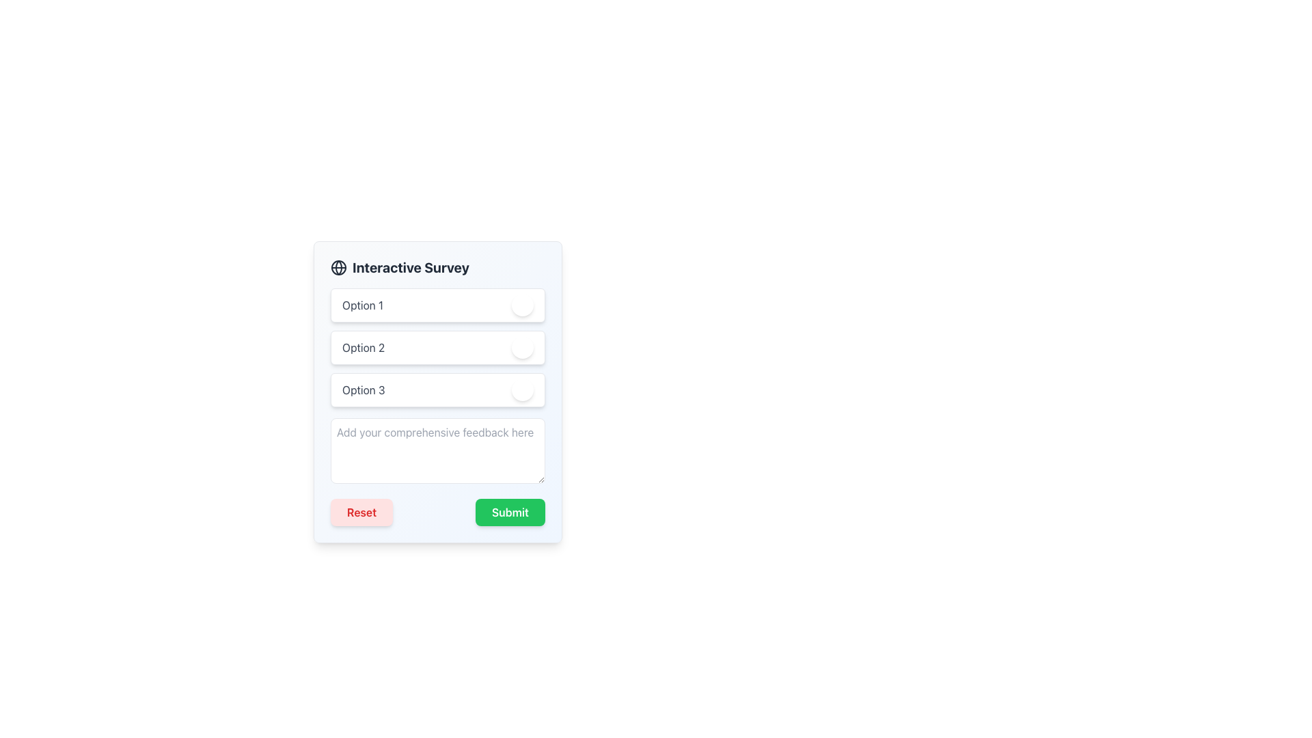 This screenshot has height=738, width=1312. I want to click on the circular toggle on the right of the second interactive option in the survey interface, which is positioned between 'Option 1' and 'Option 3', so click(438, 347).